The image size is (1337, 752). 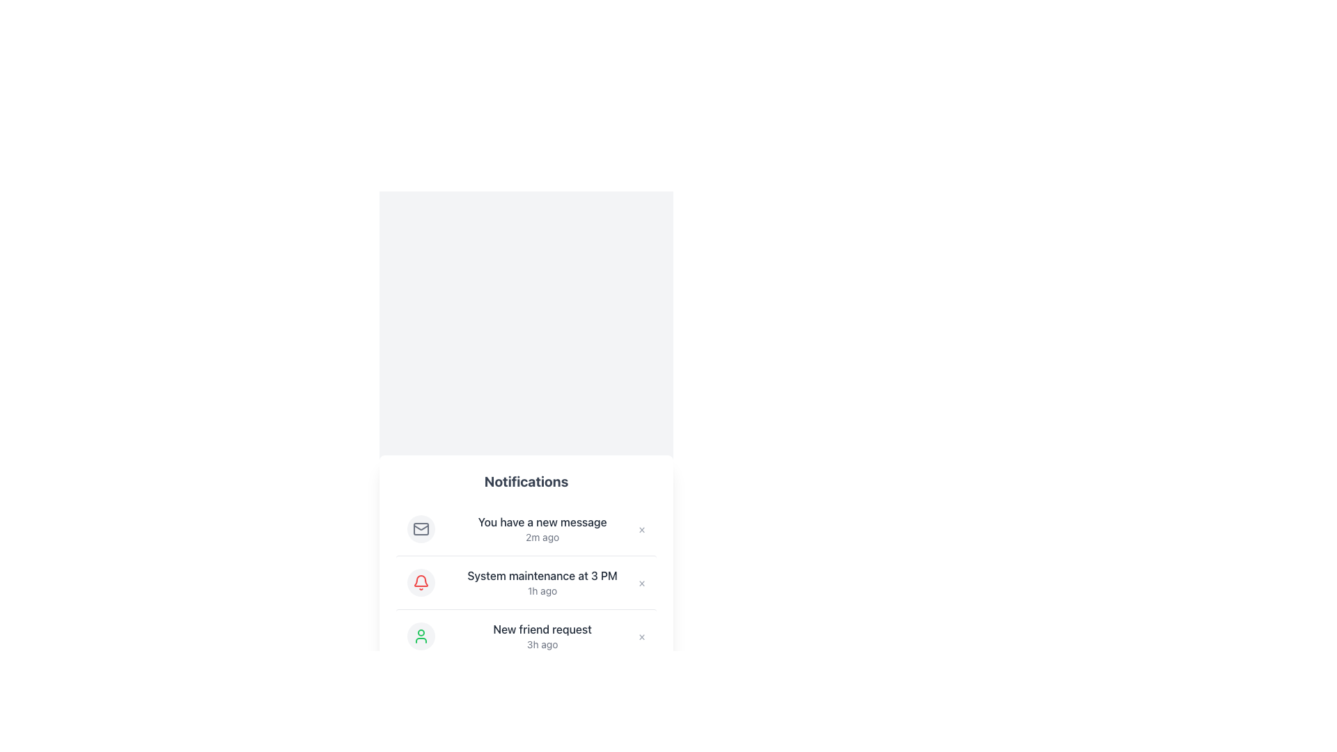 I want to click on timestamp displayed in a subtle gray color below the 'New friend request' text, which shows '3h ago', so click(x=542, y=644).